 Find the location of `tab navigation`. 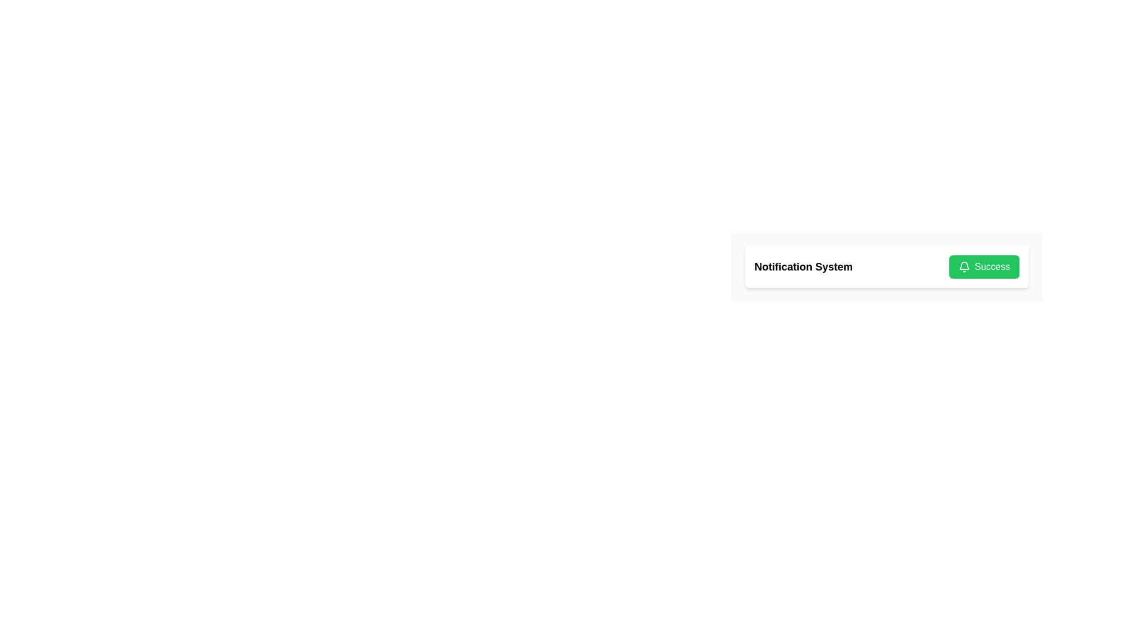

tab navigation is located at coordinates (983, 266).